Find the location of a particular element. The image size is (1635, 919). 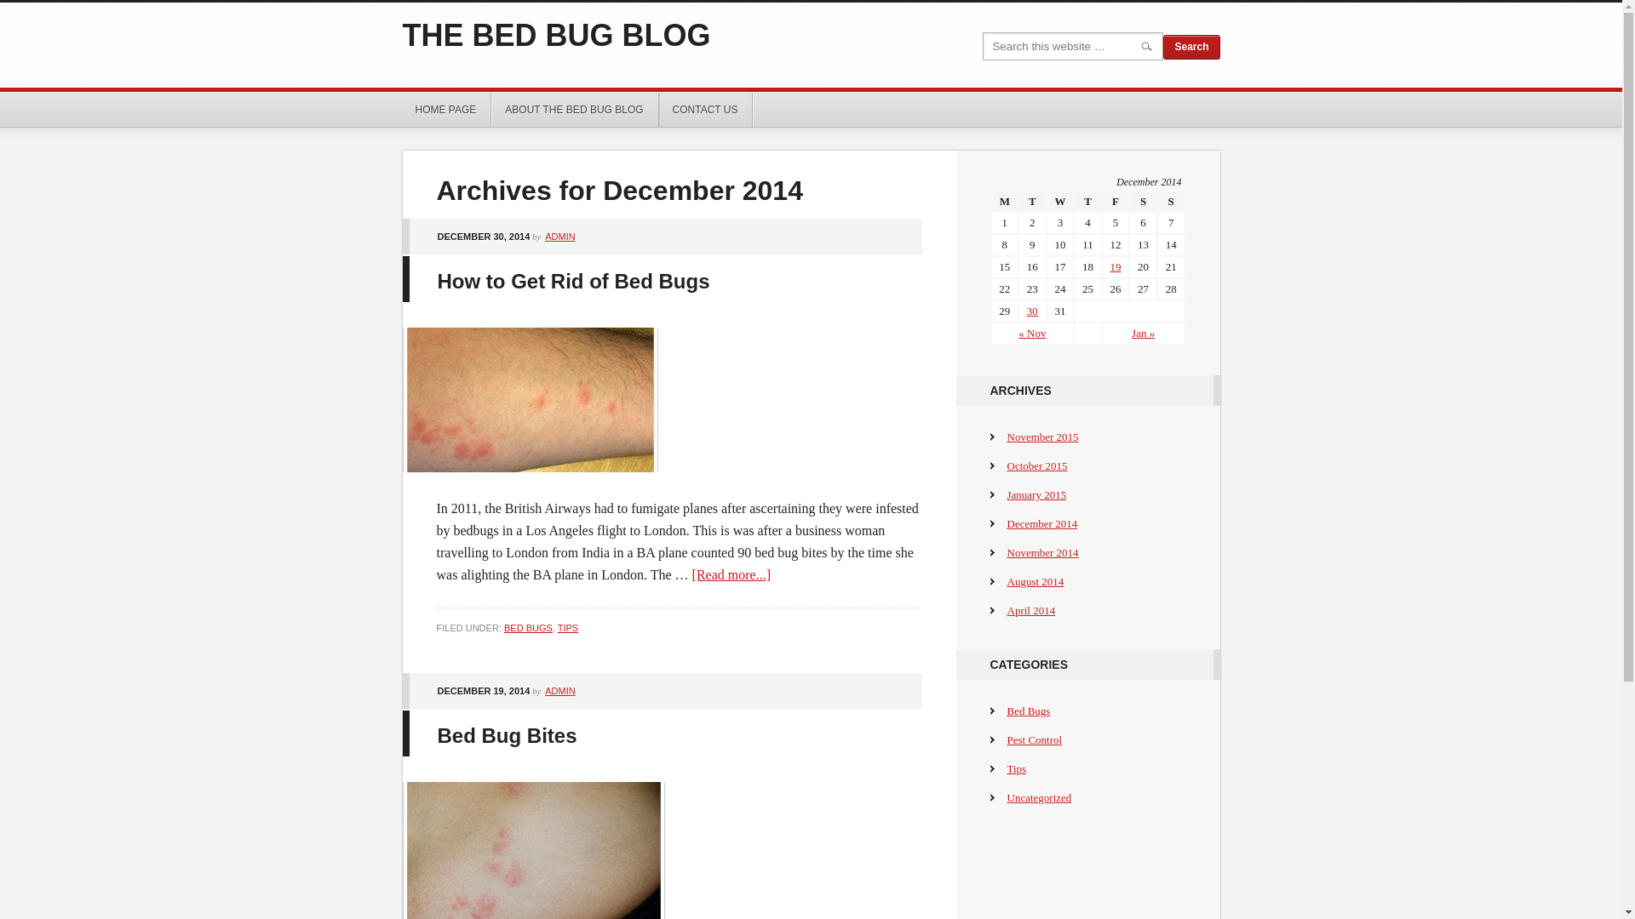

'August 2014' is located at coordinates (1034, 580).